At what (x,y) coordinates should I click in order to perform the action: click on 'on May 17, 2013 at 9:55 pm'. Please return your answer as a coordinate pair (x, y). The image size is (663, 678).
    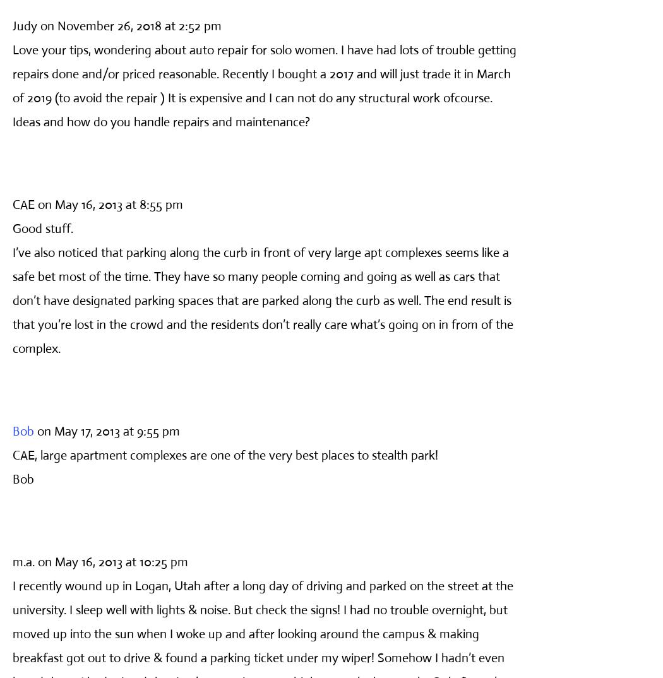
    Looking at the image, I should click on (108, 430).